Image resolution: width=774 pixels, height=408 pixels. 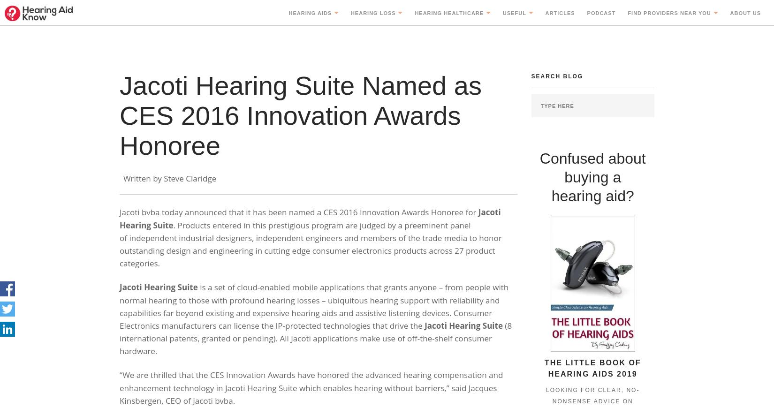 I want to click on 'Models / Types', so click(x=324, y=97).